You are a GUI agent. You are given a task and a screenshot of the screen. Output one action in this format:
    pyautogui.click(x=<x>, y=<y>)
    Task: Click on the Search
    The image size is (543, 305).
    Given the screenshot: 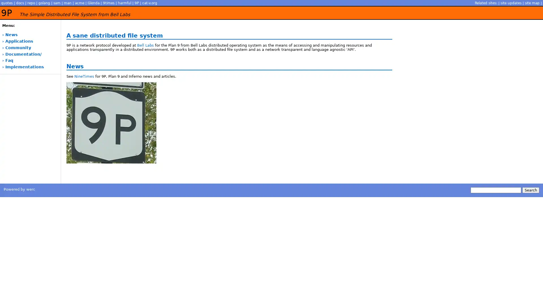 What is the action you would take?
    pyautogui.click(x=530, y=190)
    